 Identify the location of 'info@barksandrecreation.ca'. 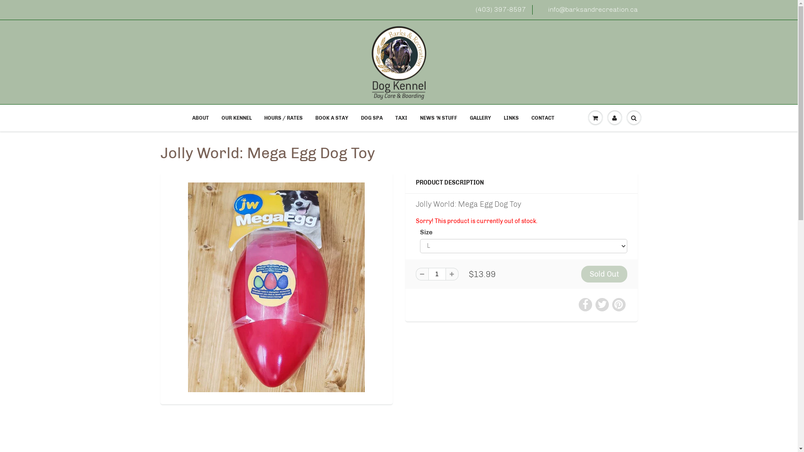
(587, 10).